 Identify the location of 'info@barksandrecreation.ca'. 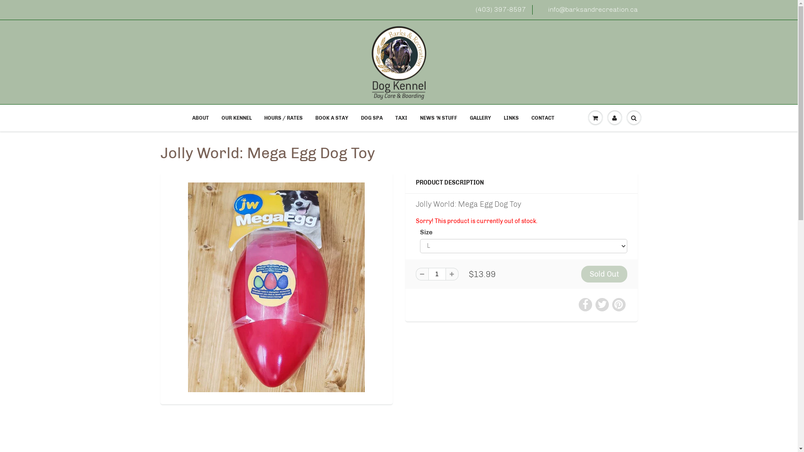
(587, 10).